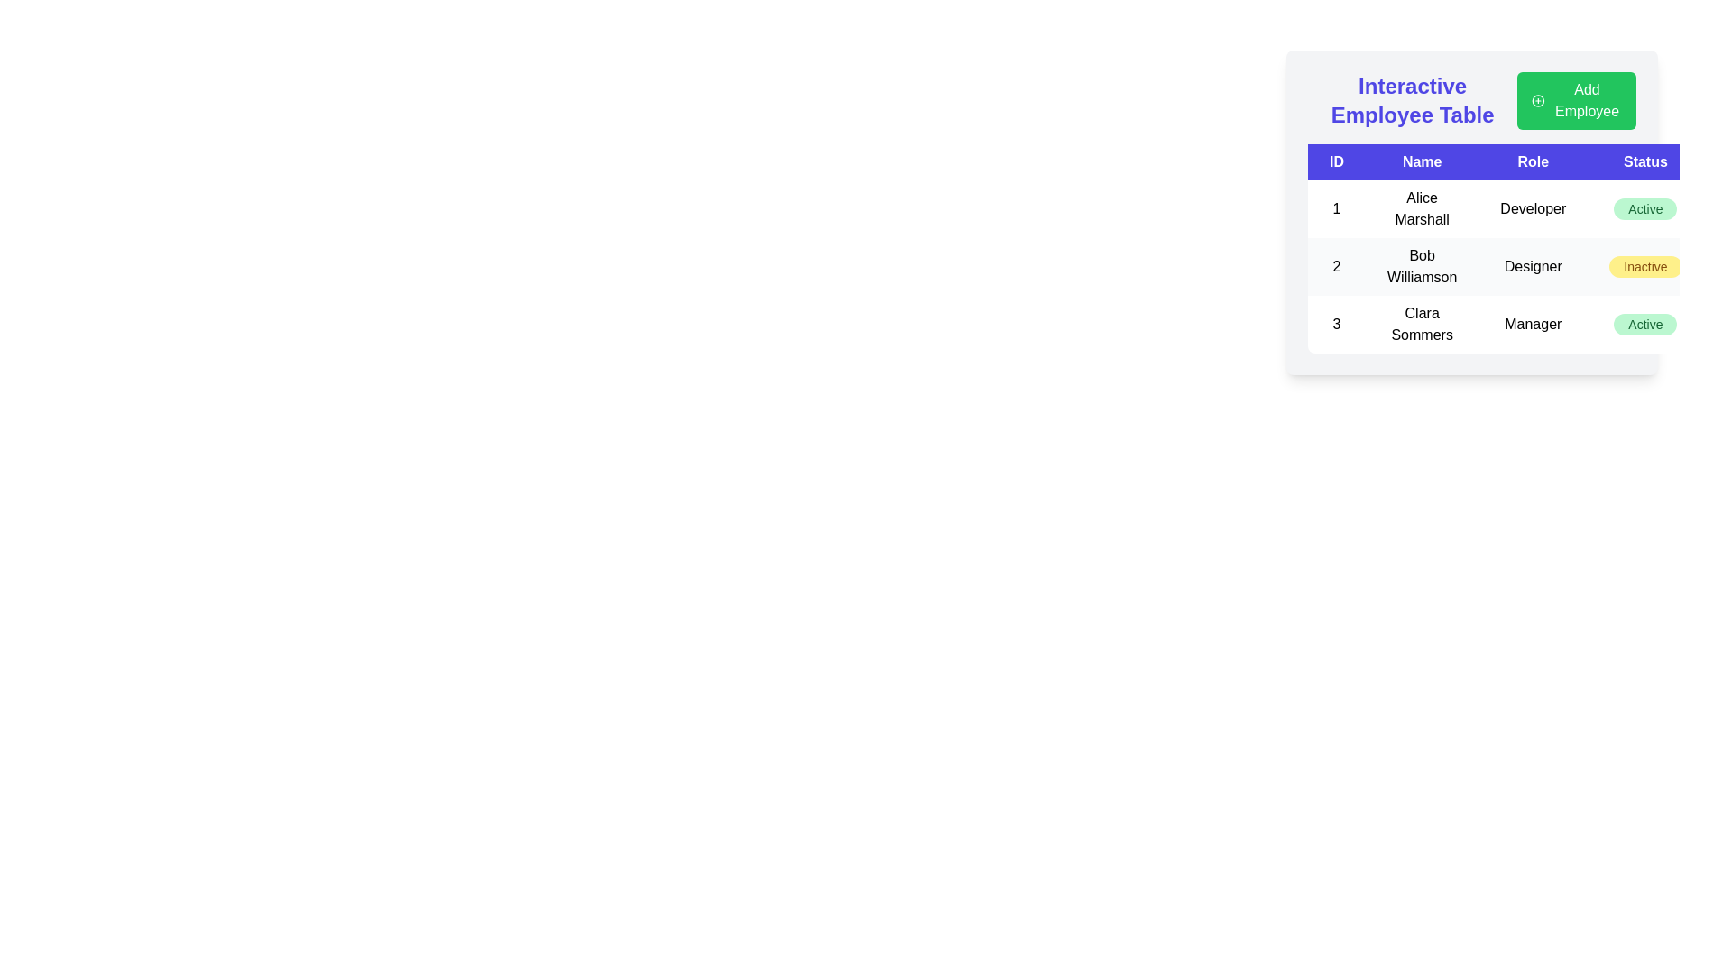  Describe the element at coordinates (1645, 207) in the screenshot. I see `the green oval-shaped badge labeled 'Active' in the Status column of the table, located in the top-right section aligned with 'Alice Marshall' and 'Developer'` at that location.